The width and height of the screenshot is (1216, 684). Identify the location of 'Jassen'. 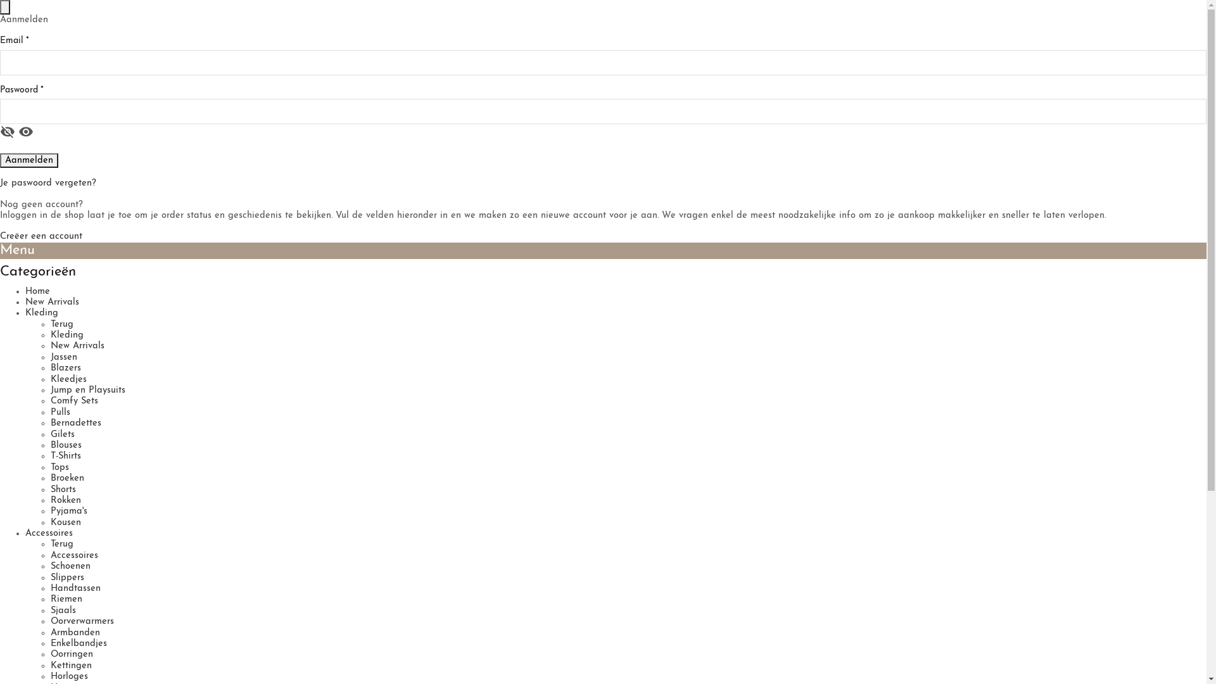
(63, 357).